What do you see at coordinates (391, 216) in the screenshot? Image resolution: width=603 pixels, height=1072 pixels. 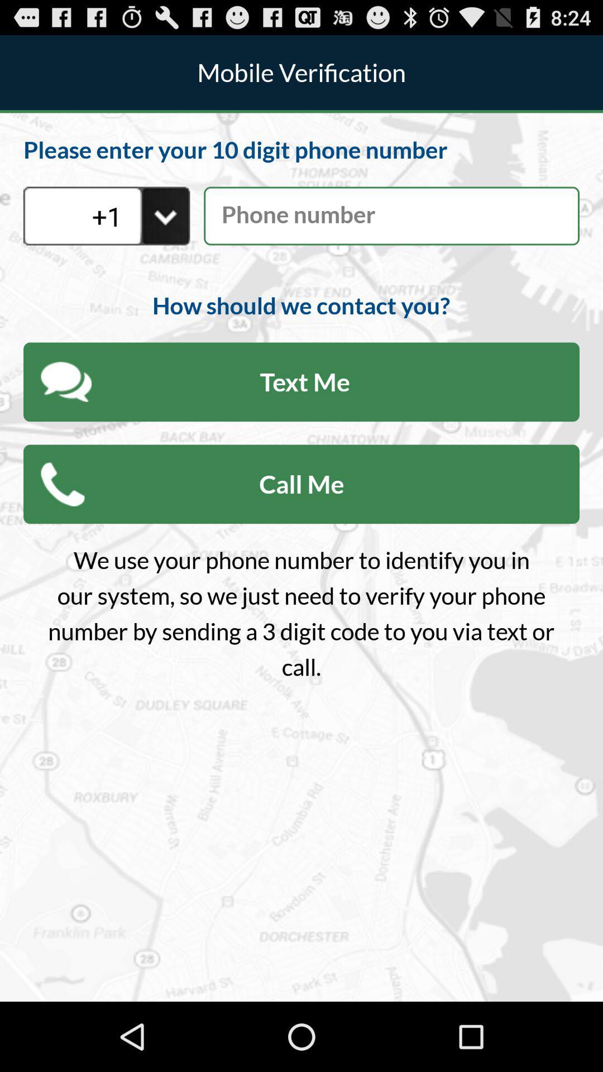 I see `mobile number details` at bounding box center [391, 216].